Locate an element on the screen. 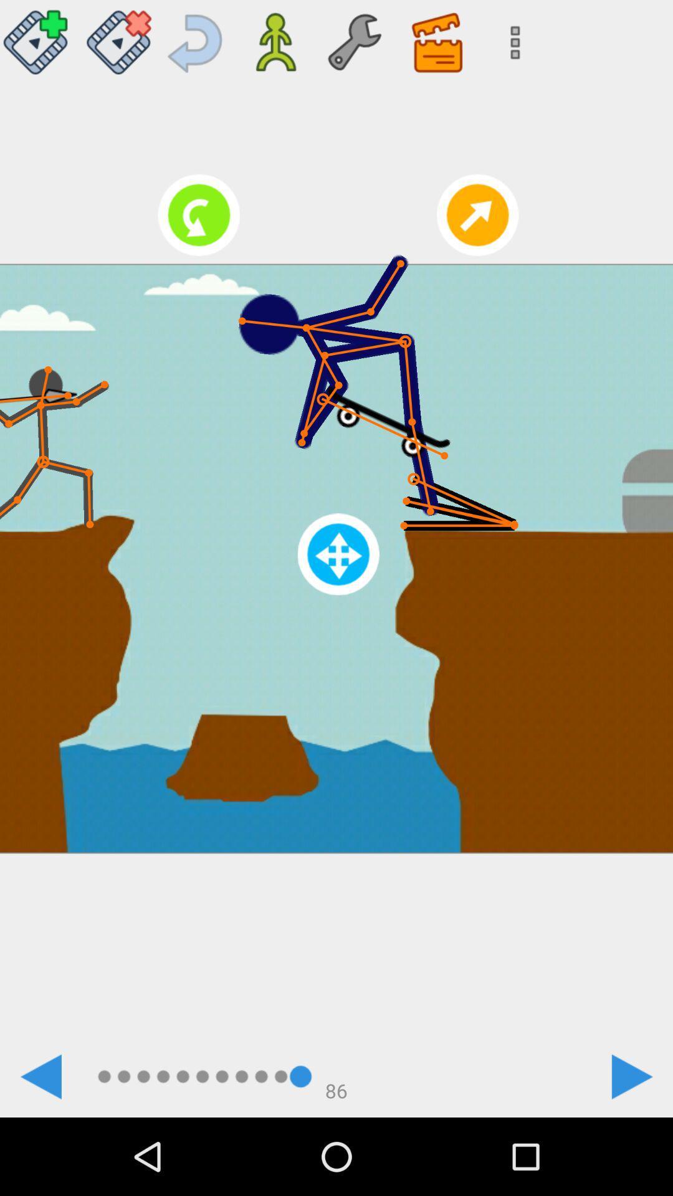 The image size is (673, 1196). the icon represented to goto next image is located at coordinates (632, 1076).